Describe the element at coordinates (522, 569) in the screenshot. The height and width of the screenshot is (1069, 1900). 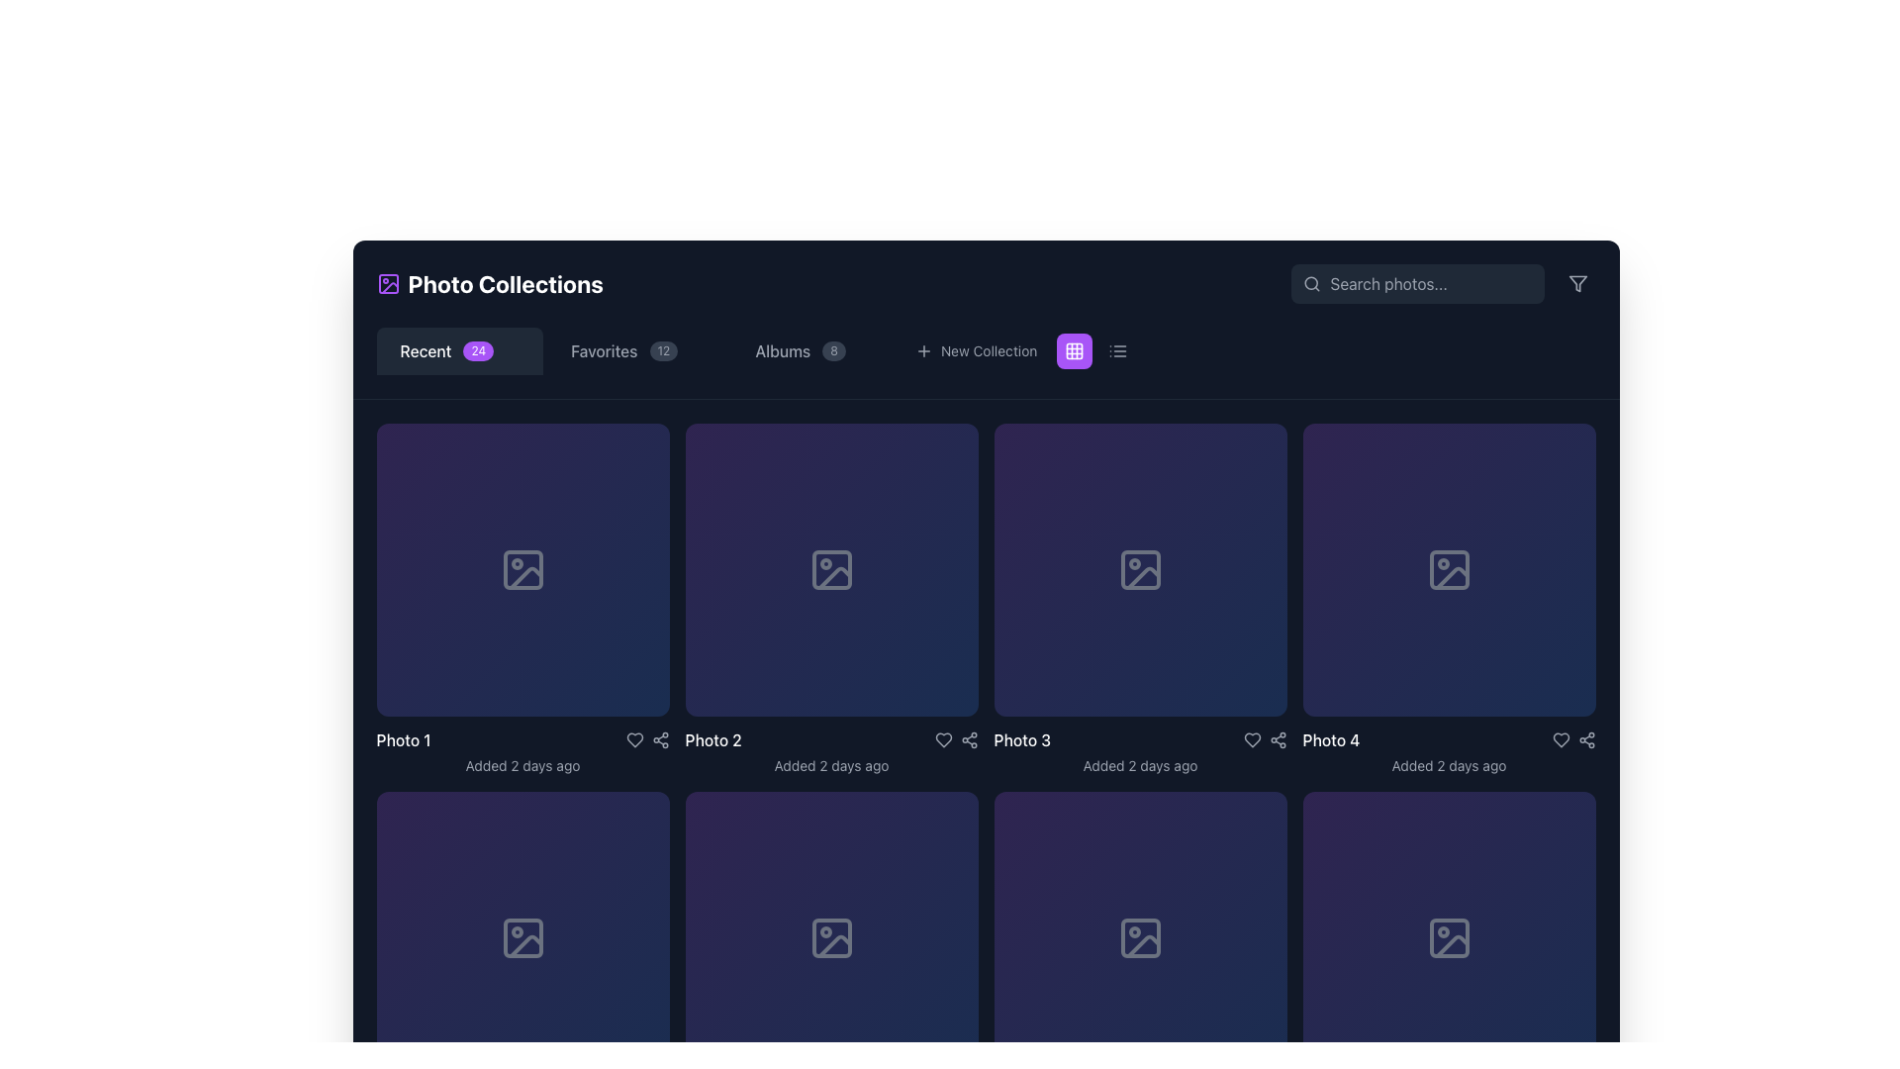
I see `the download icon button located centrally in the upper-middle area of the highlighted card` at that location.